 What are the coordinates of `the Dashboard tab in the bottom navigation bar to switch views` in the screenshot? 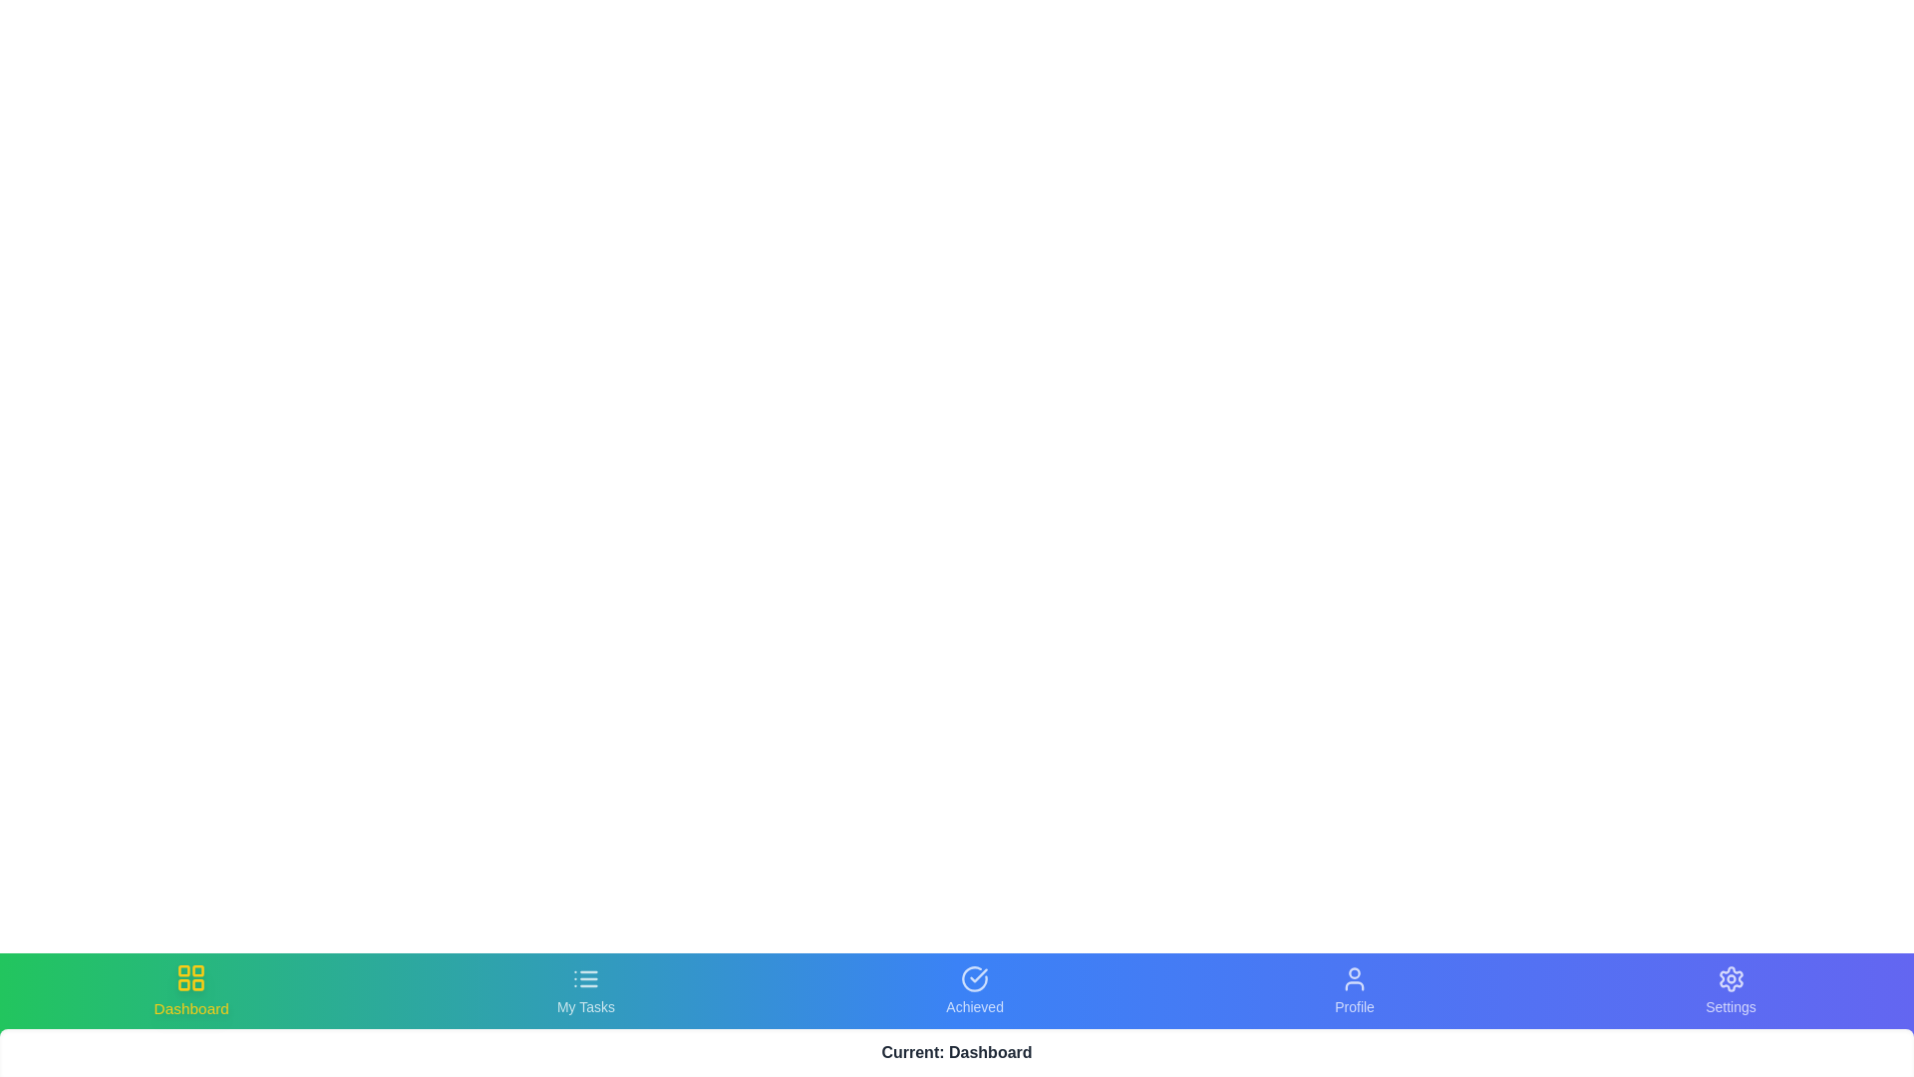 It's located at (191, 991).